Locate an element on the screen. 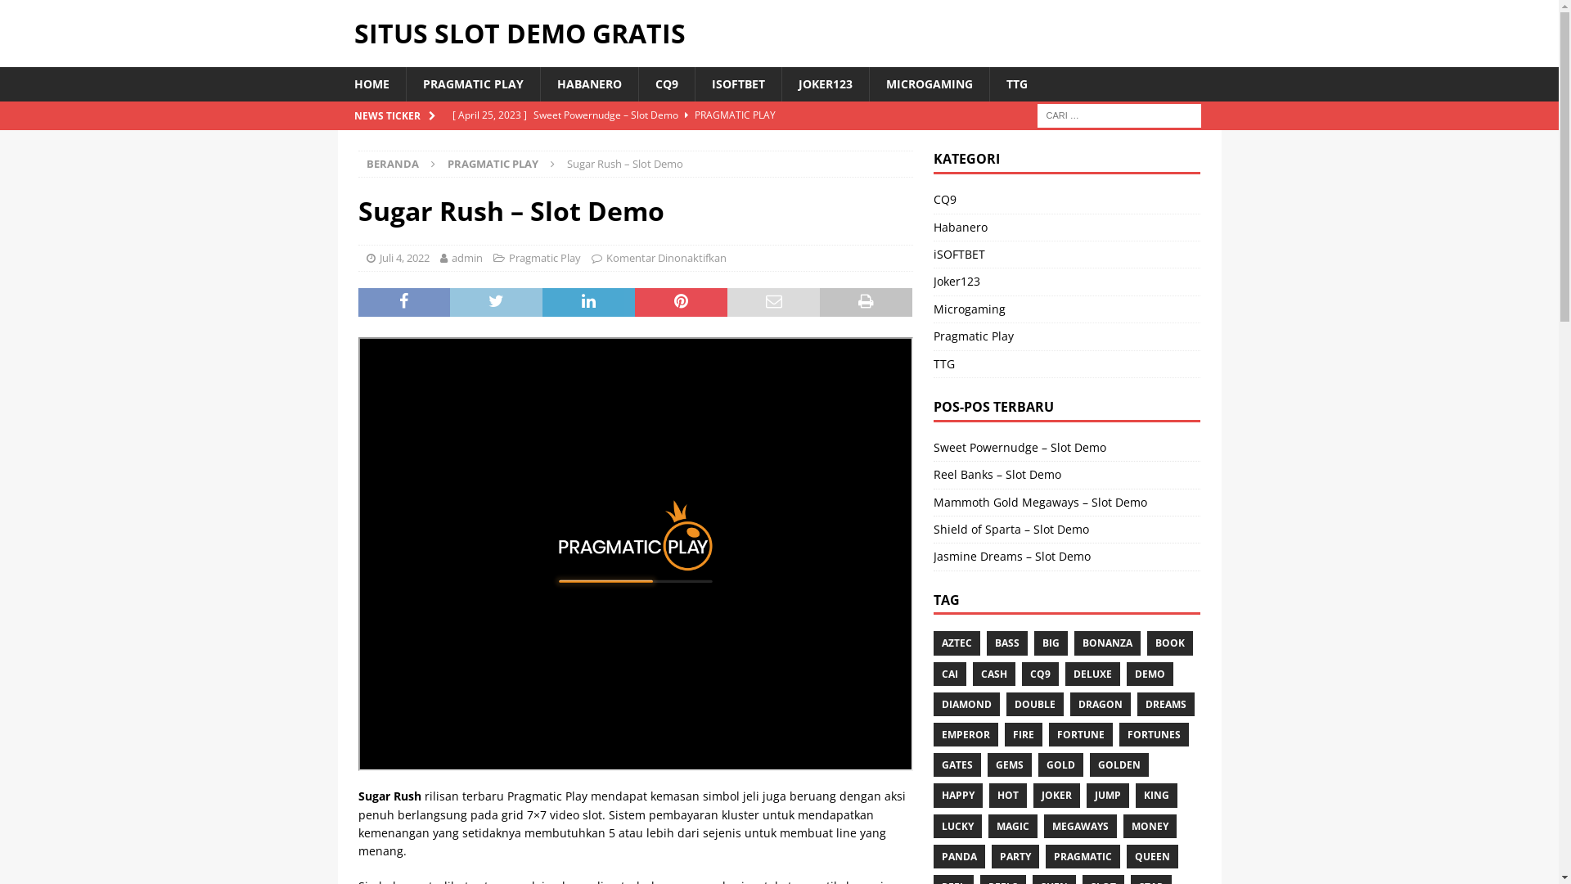 The image size is (1571, 884). 'GOLD' is located at coordinates (1060, 764).